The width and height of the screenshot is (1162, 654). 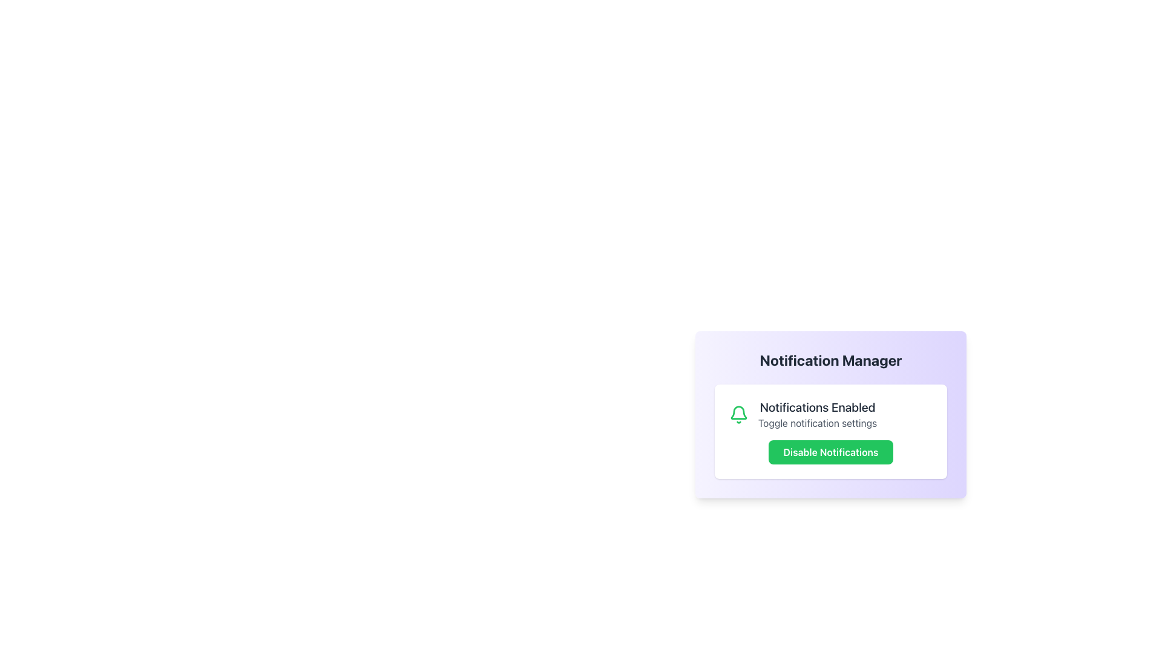 What do you see at coordinates (818, 422) in the screenshot?
I see `the text label that says 'Toggle notification settings', which is styled in gray and located directly underneath the 'Notifications Enabled' header in the notification manager box` at bounding box center [818, 422].